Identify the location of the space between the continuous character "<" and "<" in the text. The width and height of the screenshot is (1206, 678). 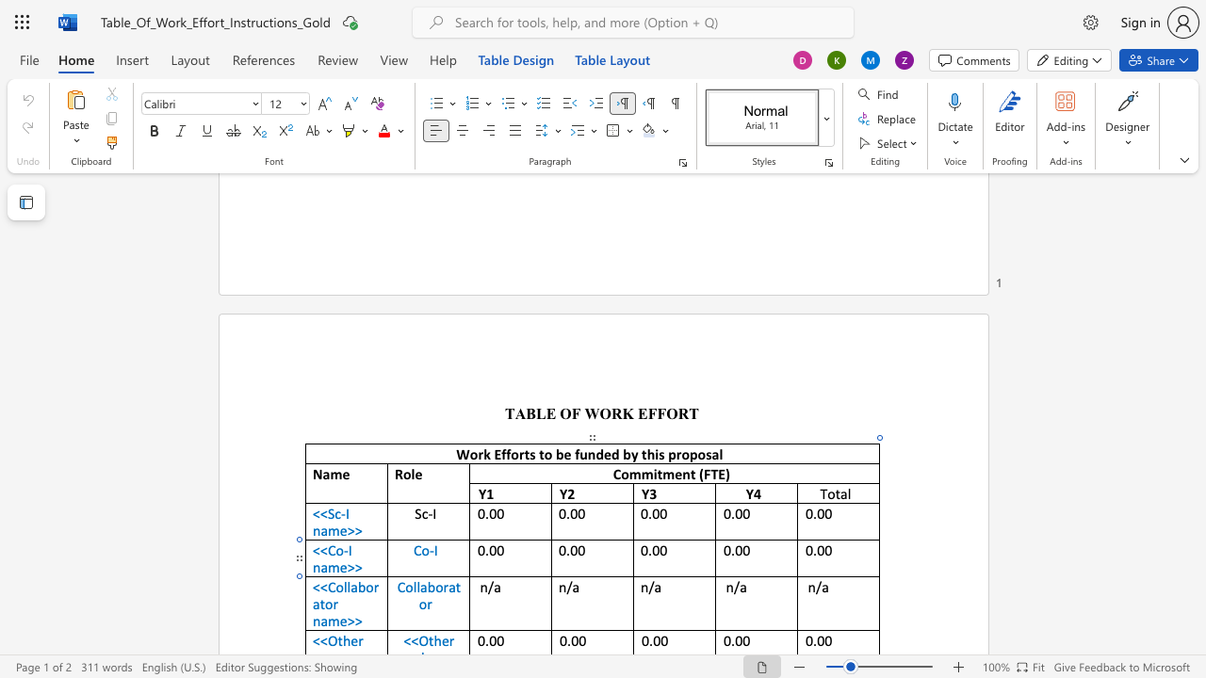
(319, 586).